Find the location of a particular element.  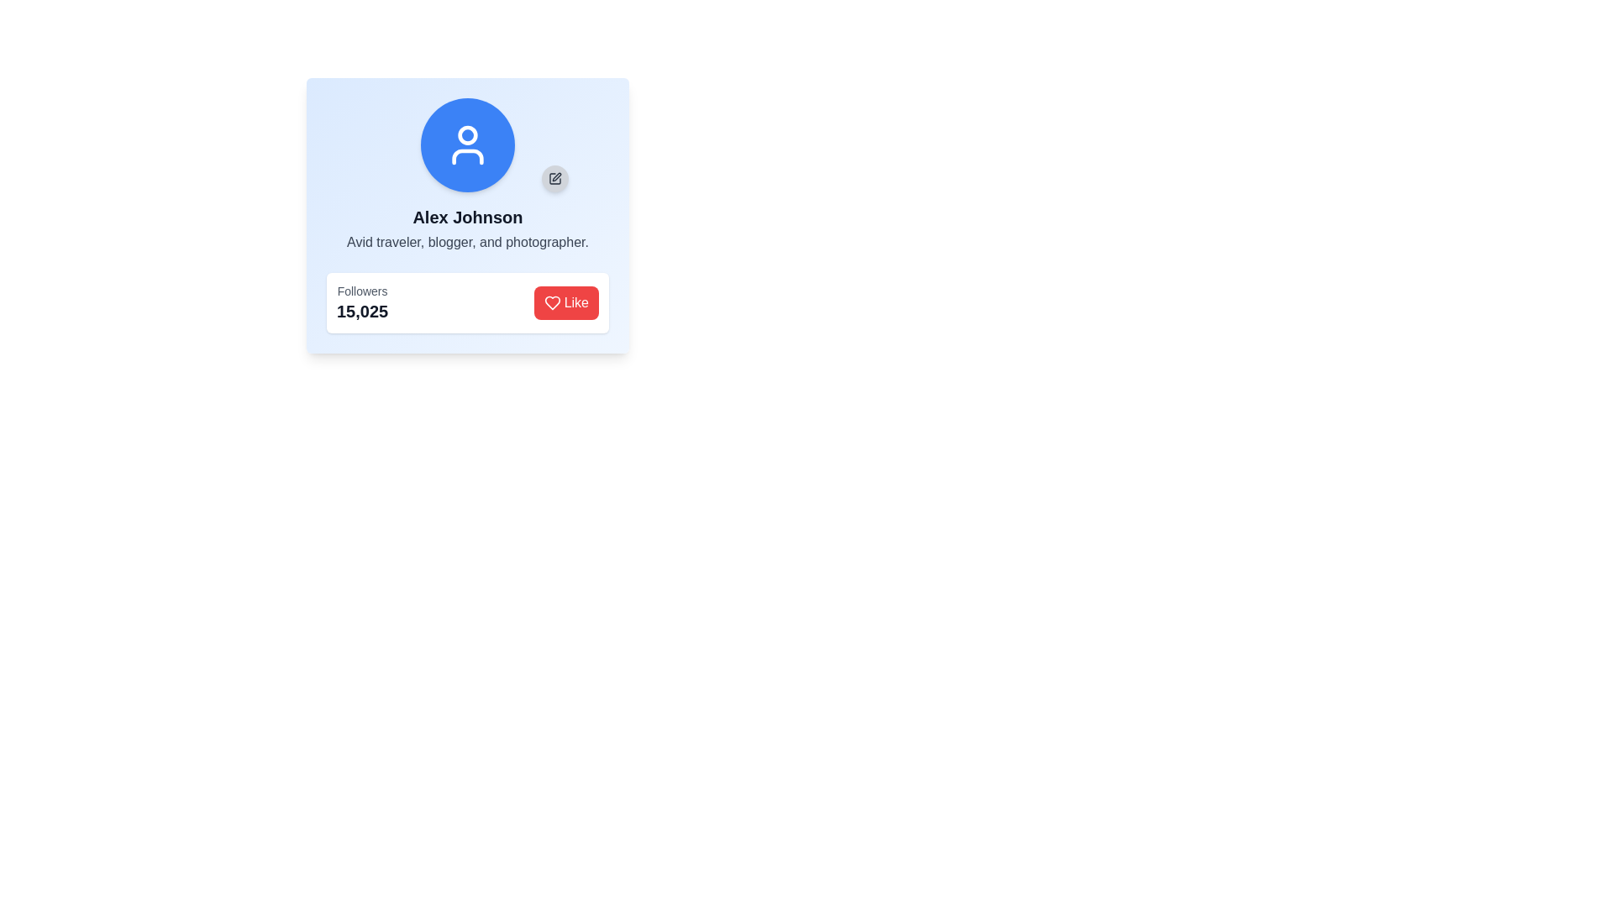

displayed text from the 'Followers' text label group, which shows 'Followers' in gray and '15,025' in bold black is located at coordinates (361, 303).